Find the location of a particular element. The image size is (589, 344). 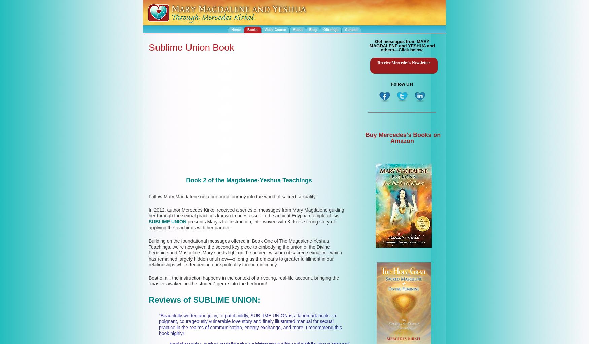

'Meditations' is located at coordinates (305, 43).